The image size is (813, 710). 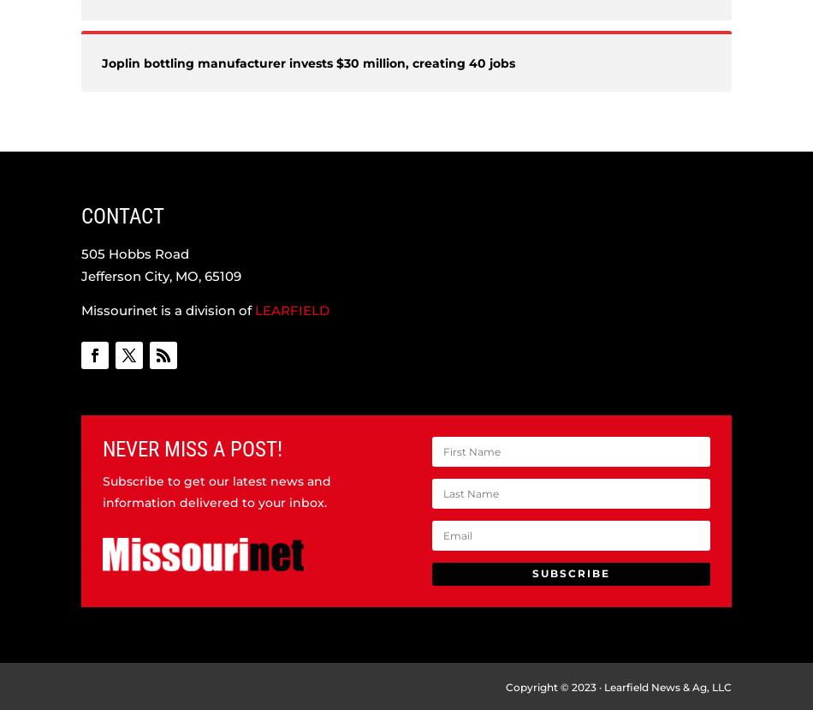 What do you see at coordinates (192, 447) in the screenshot?
I see `'NEVER MISS A POST!'` at bounding box center [192, 447].